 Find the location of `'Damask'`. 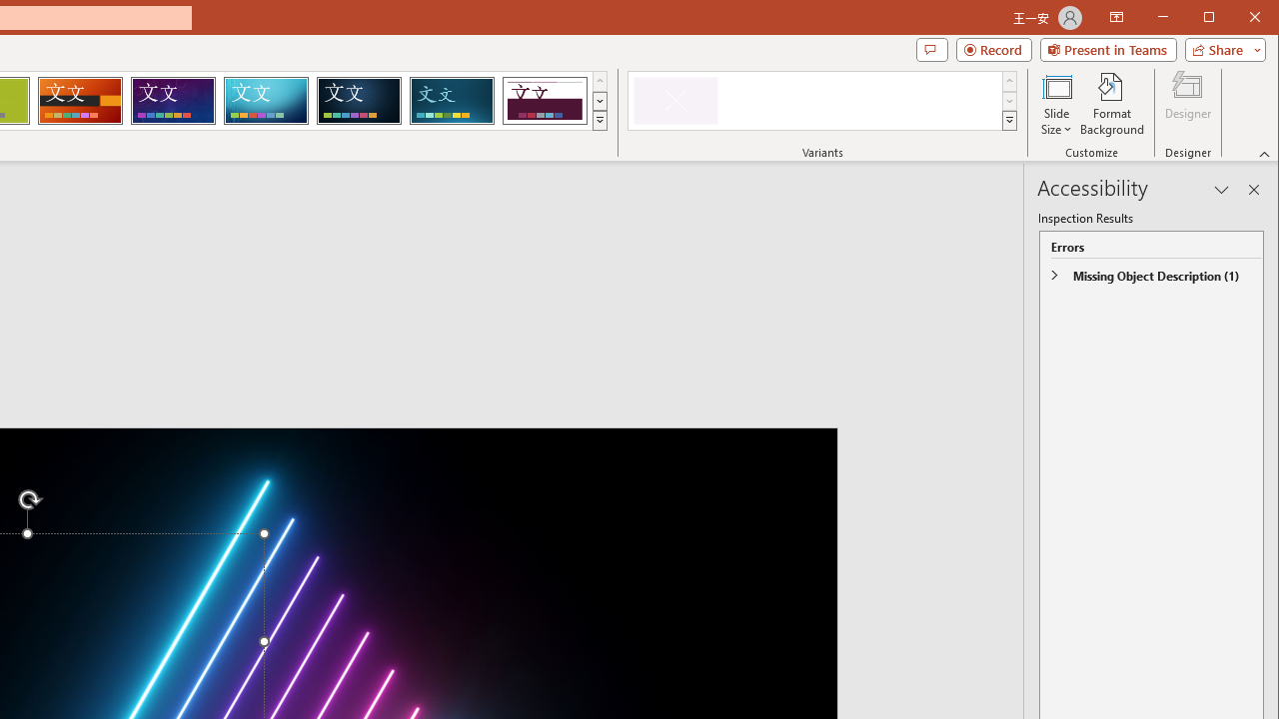

'Damask' is located at coordinates (359, 100).